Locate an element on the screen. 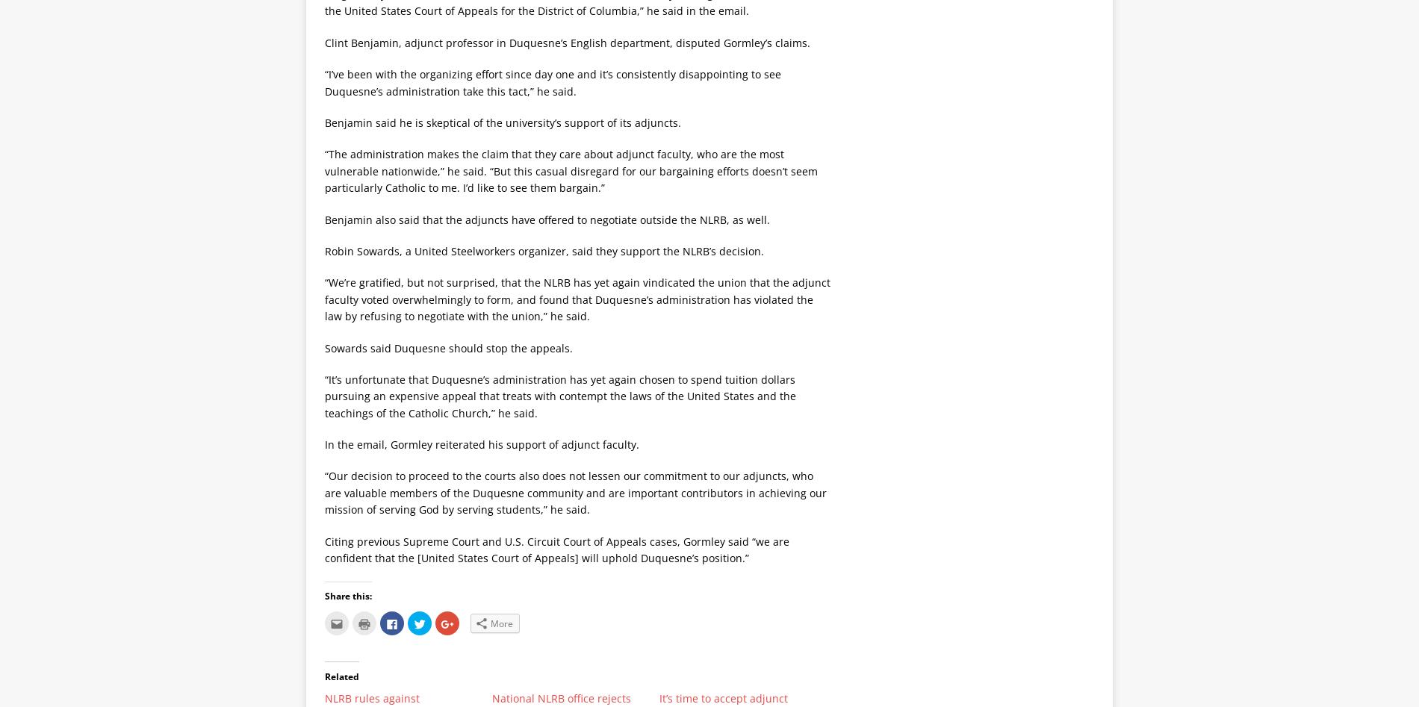 This screenshot has height=707, width=1419. 'More' is located at coordinates (502, 623).